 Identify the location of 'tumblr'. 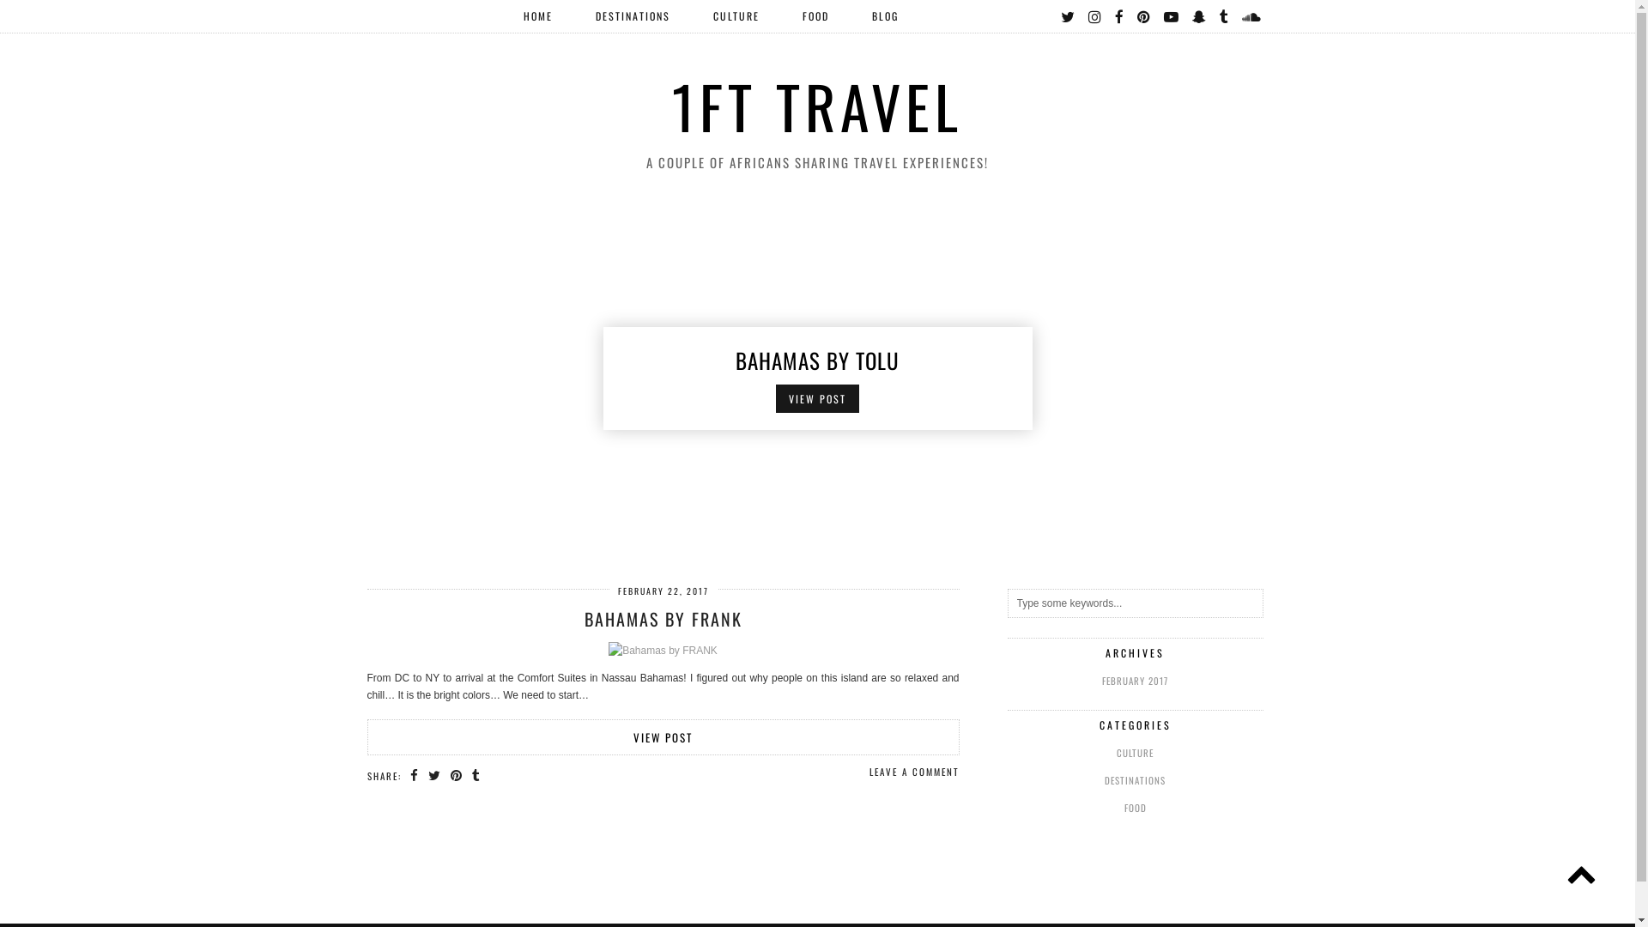
(1218, 16).